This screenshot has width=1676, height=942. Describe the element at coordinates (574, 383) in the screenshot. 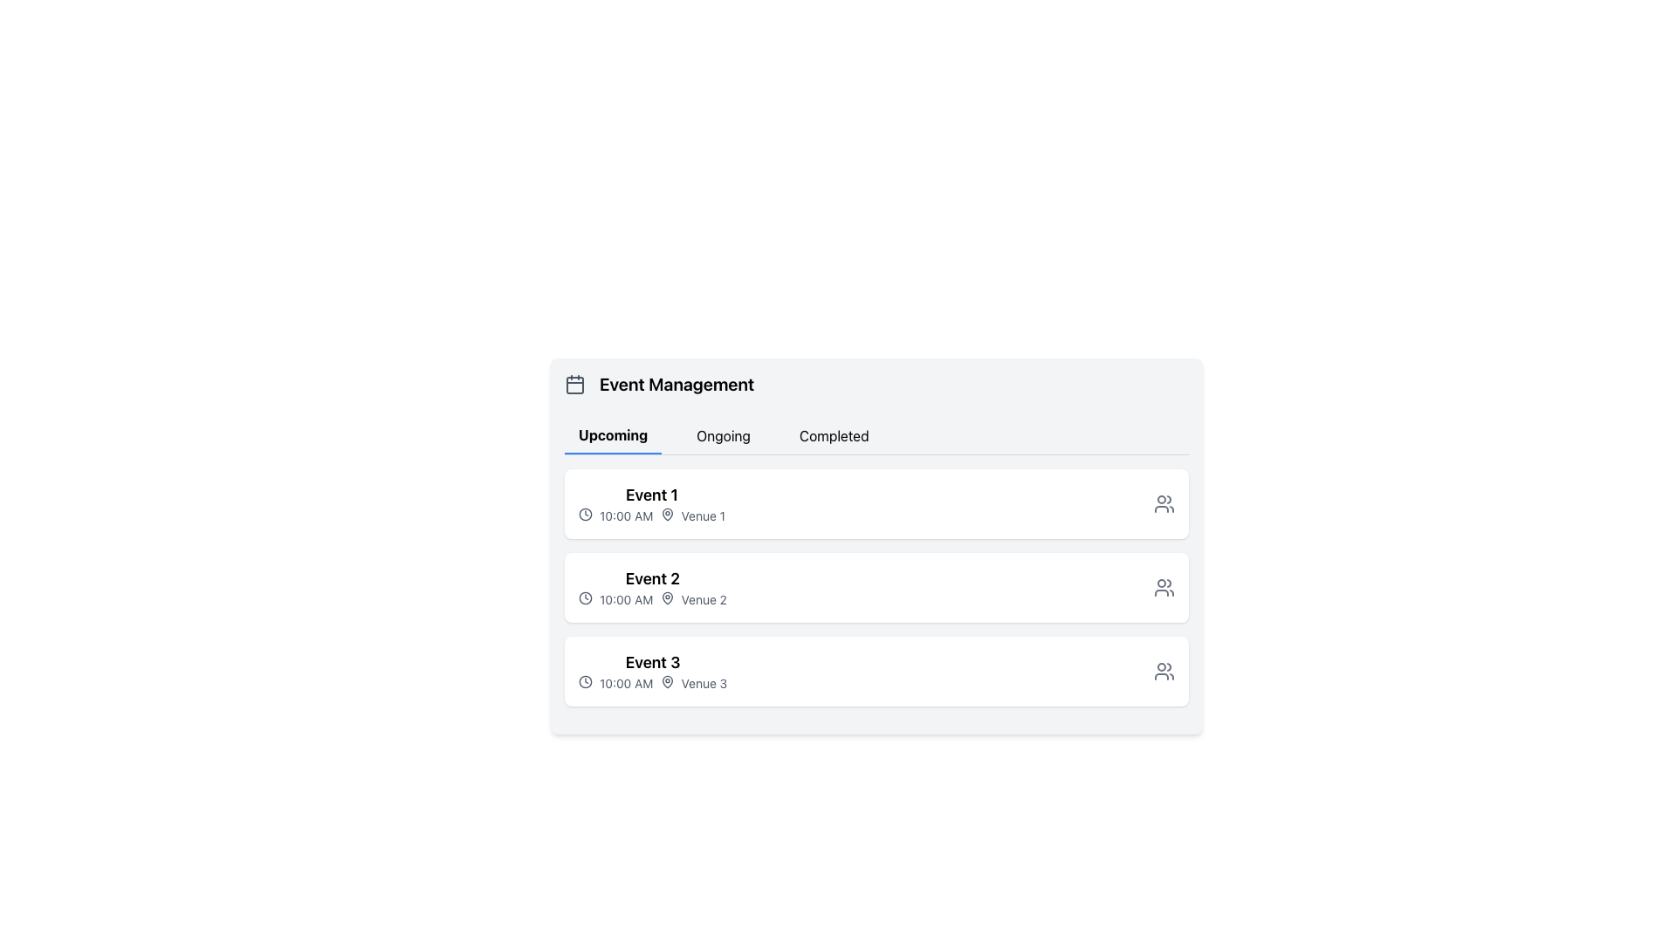

I see `the calendar icon located to the left of the 'Event Management' header, which represents the scheduling functionality` at that location.